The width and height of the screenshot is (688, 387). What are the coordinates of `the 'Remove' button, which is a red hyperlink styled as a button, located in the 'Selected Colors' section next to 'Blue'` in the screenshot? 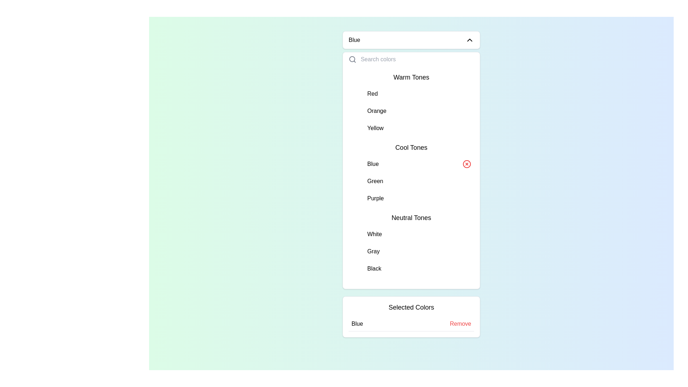 It's located at (460, 324).